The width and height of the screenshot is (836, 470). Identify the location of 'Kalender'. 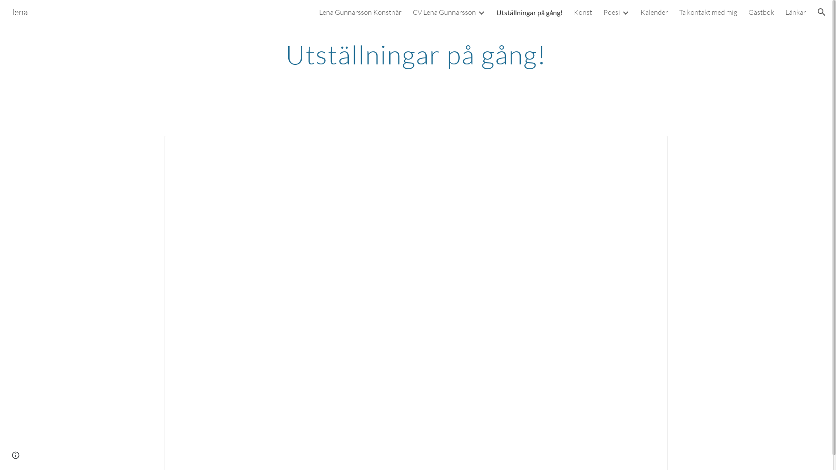
(654, 12).